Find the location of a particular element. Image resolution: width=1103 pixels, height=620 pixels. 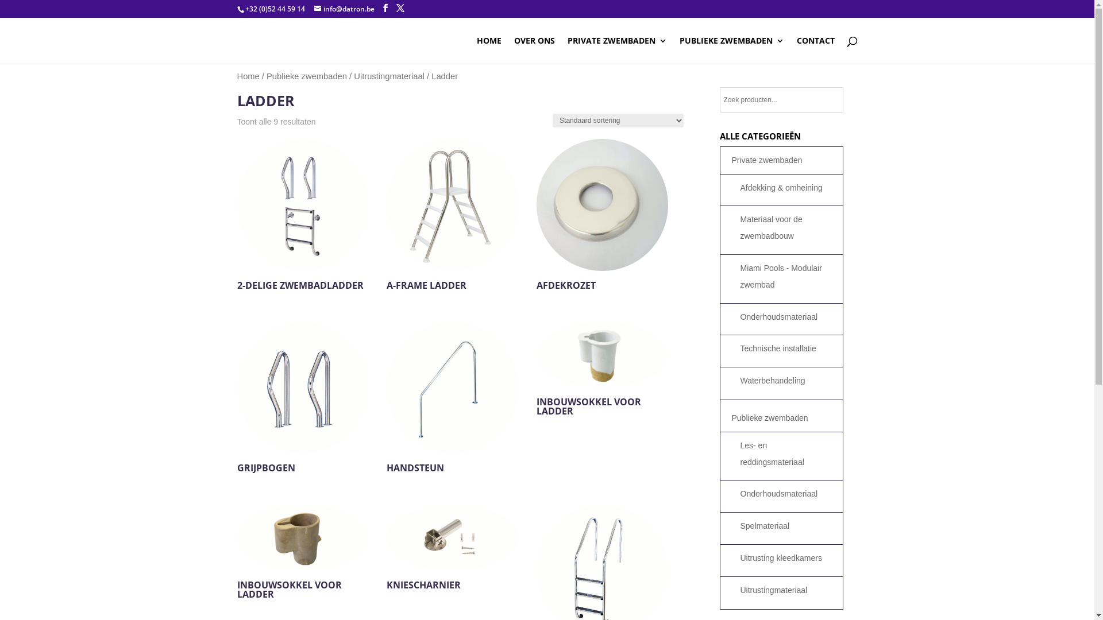

'Technische installatie' is located at coordinates (727, 348).